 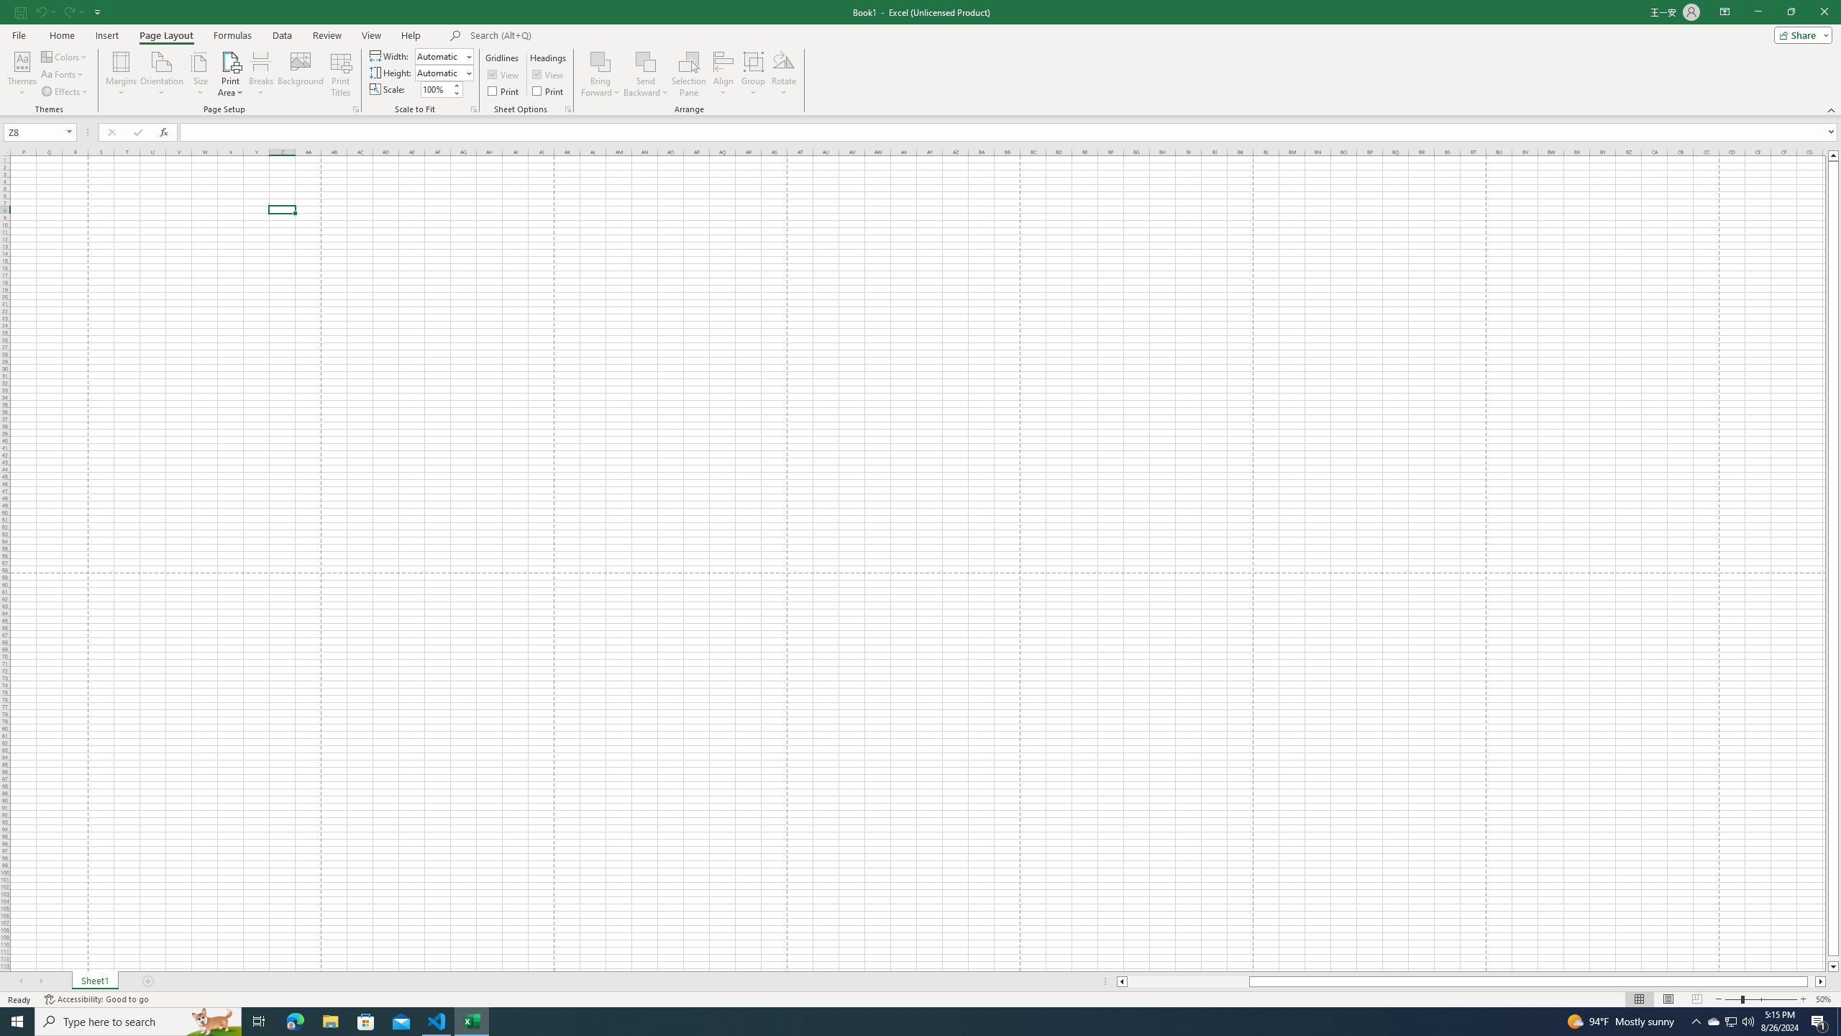 What do you see at coordinates (645, 74) in the screenshot?
I see `'Send Backward'` at bounding box center [645, 74].